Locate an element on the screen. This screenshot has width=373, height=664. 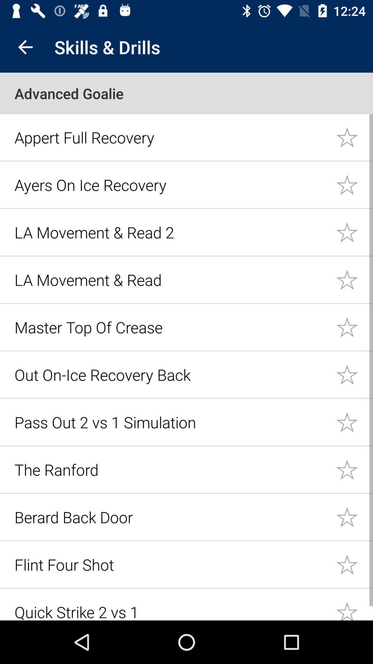
the first star from top is located at coordinates (354, 137).